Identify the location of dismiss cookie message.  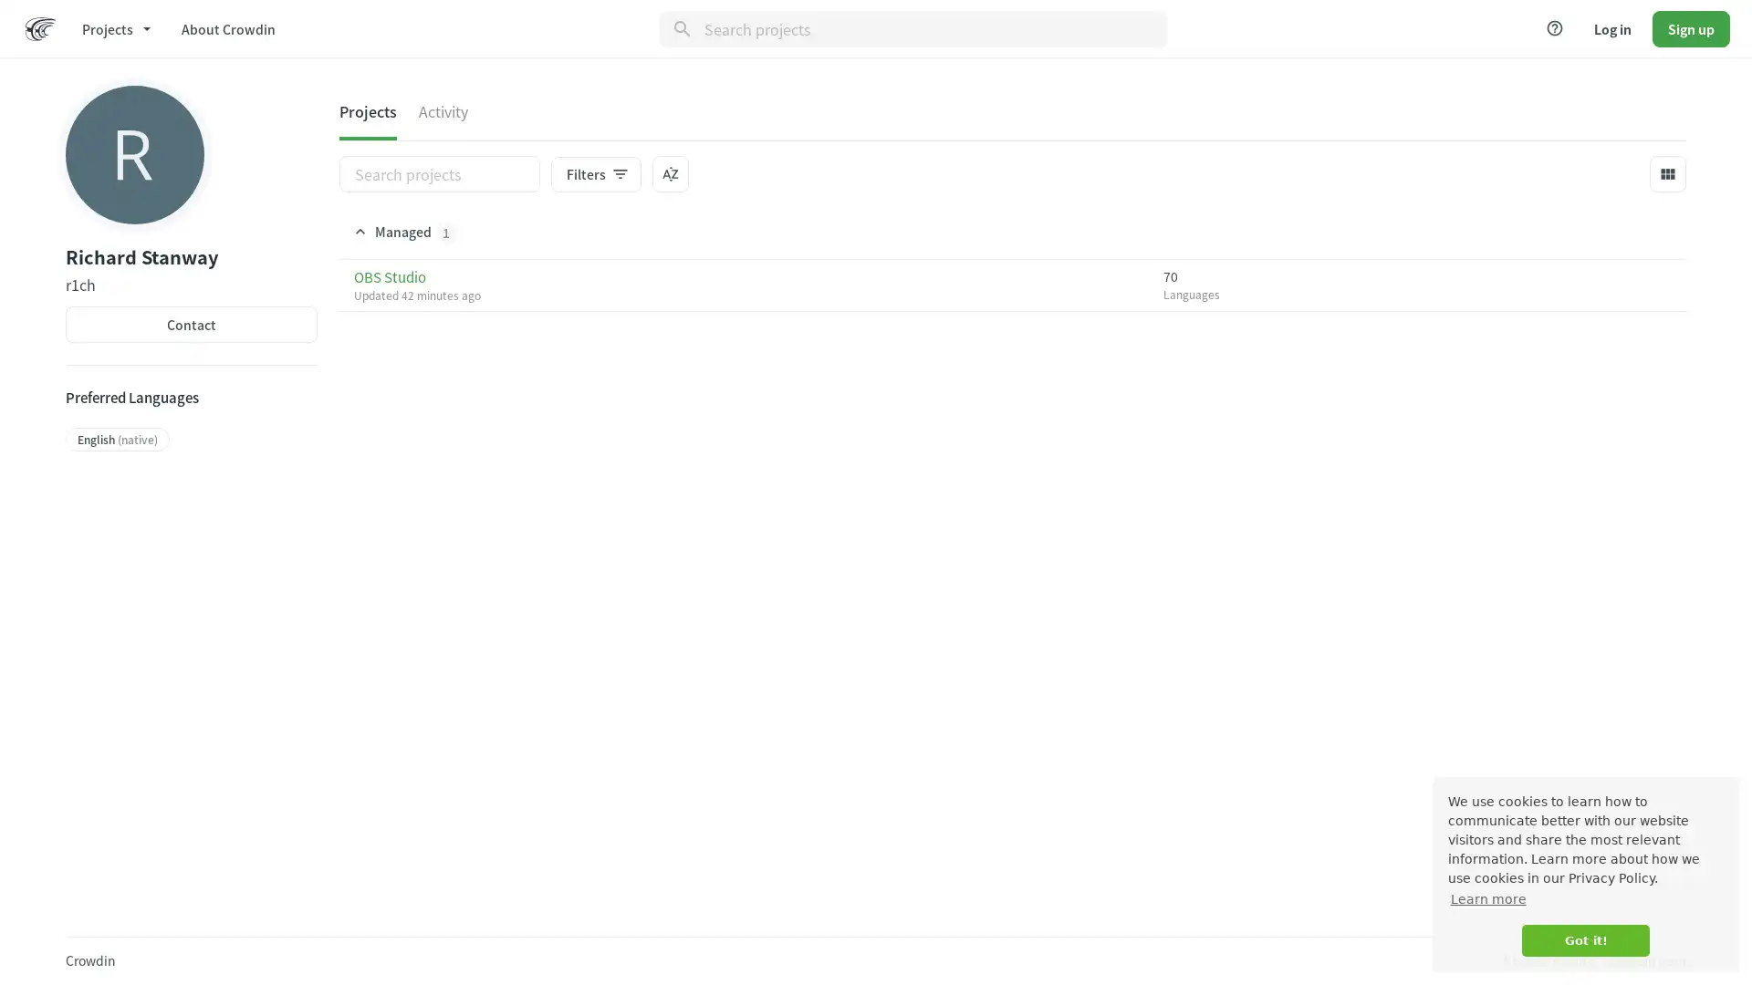
(1584, 940).